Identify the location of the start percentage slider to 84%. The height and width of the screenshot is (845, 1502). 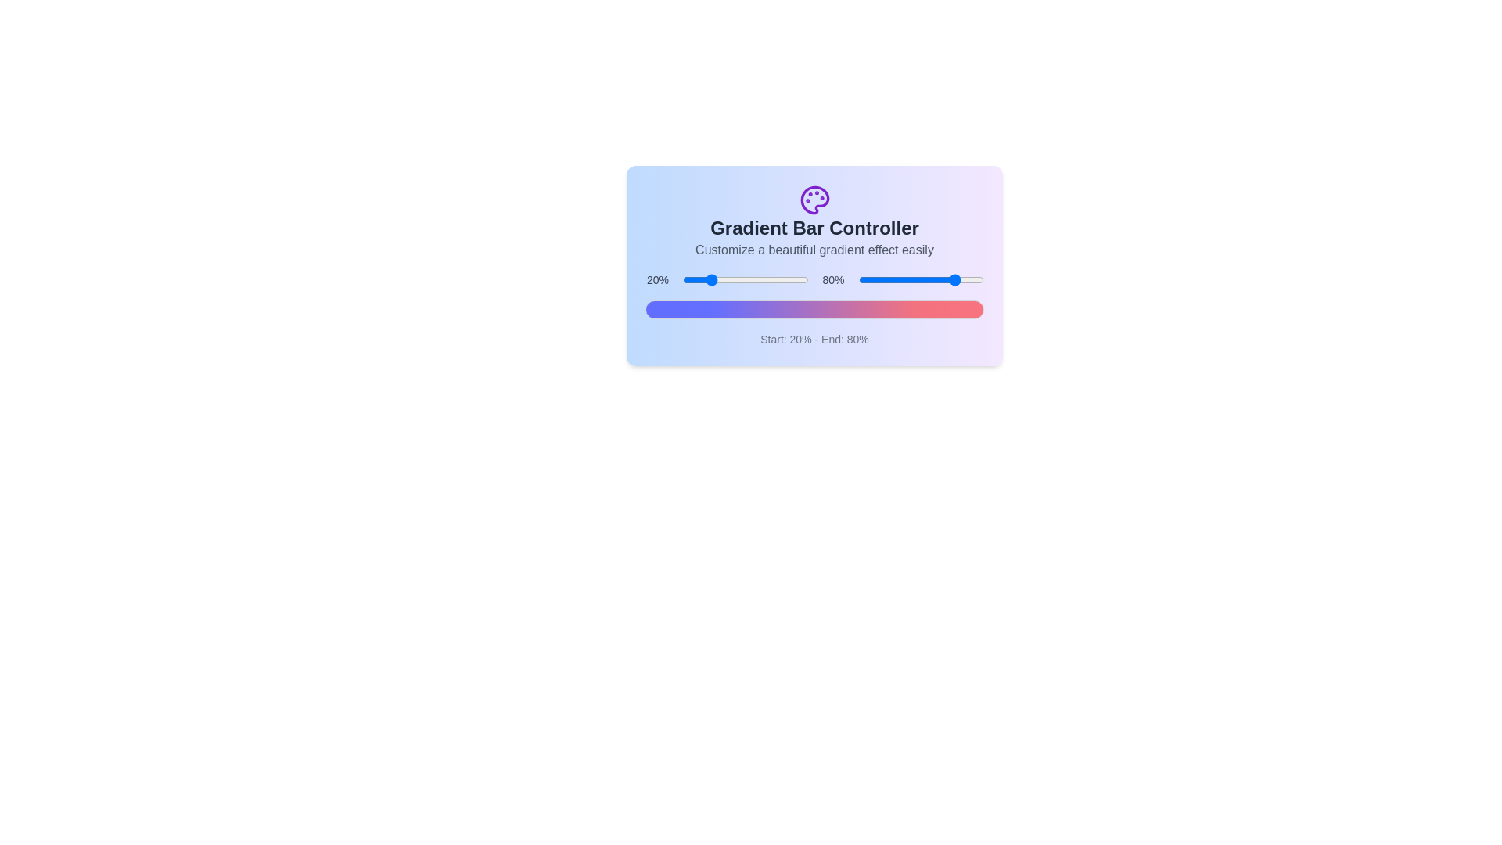
(788, 279).